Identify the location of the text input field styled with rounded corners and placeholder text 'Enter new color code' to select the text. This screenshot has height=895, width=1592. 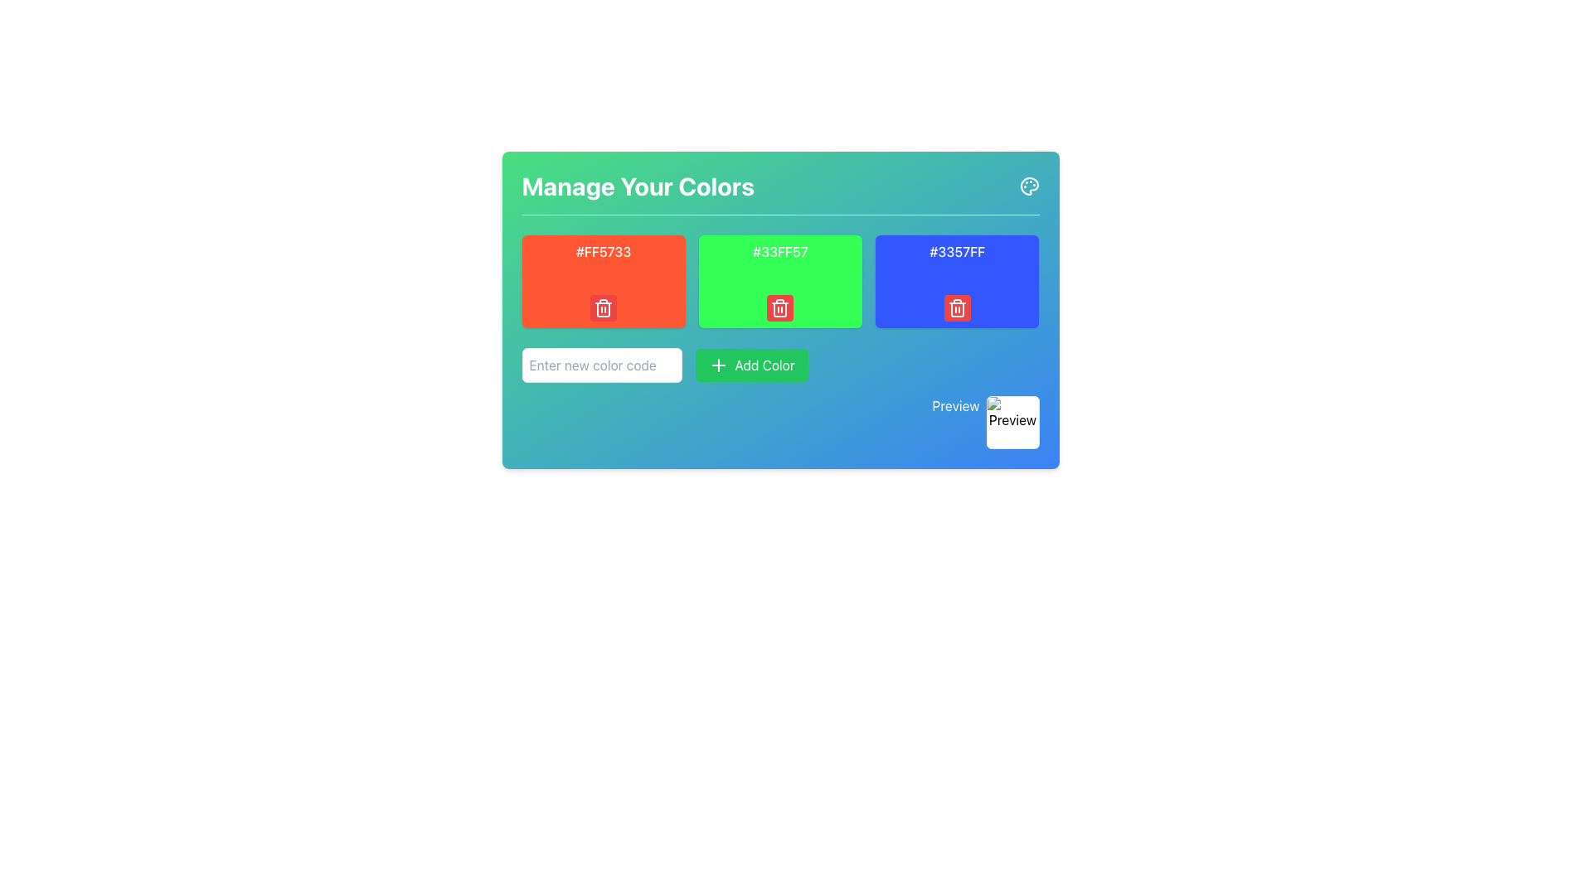
(600, 364).